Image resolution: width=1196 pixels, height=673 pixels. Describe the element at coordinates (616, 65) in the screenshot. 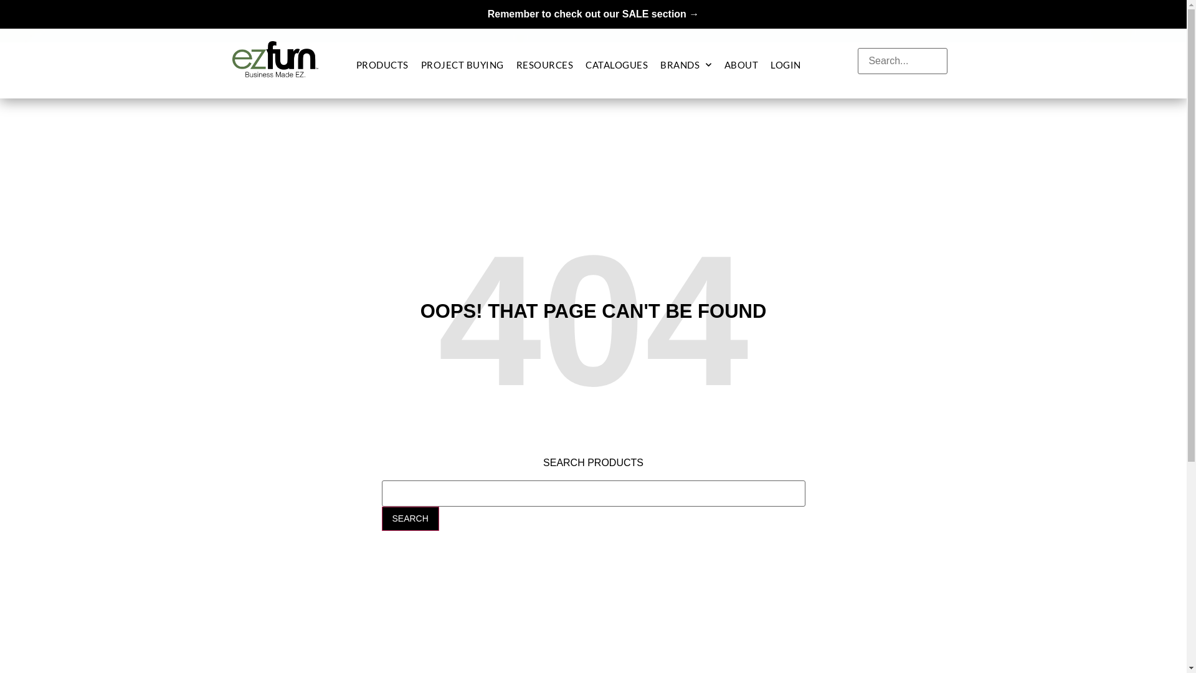

I see `'CATALOGUES'` at that location.